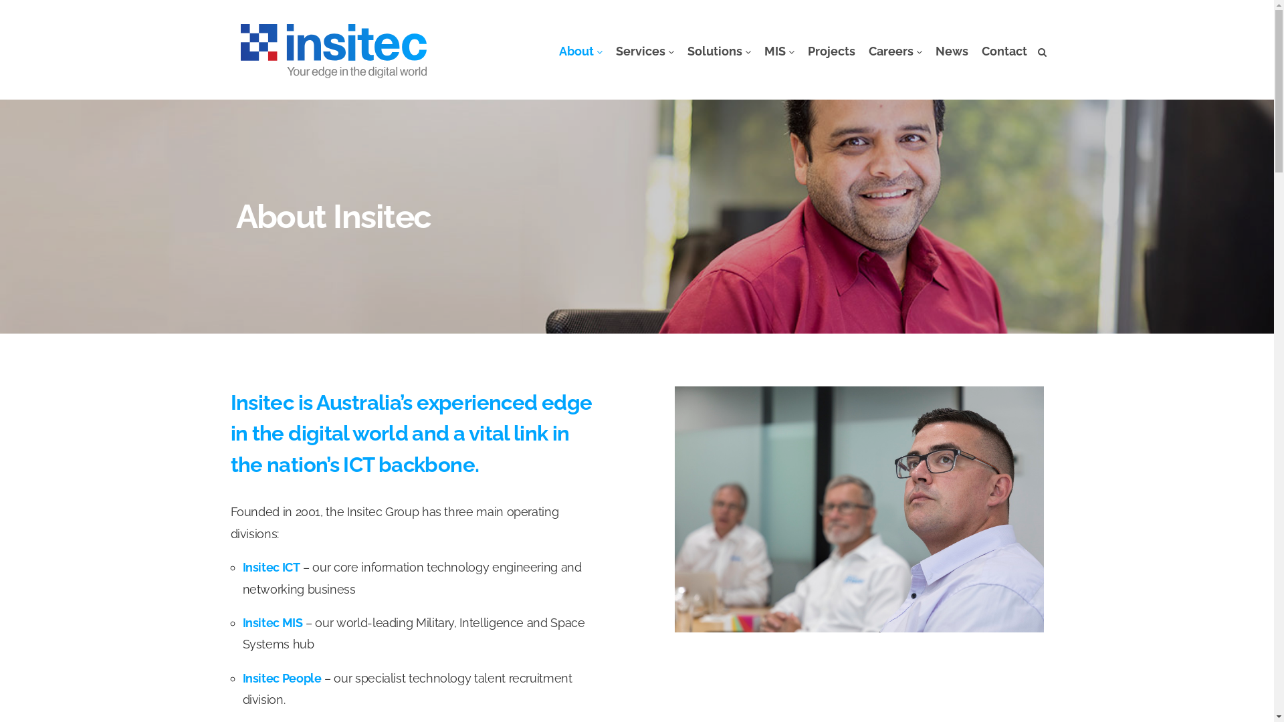 The image size is (1284, 722). Describe the element at coordinates (580, 51) in the screenshot. I see `'About'` at that location.